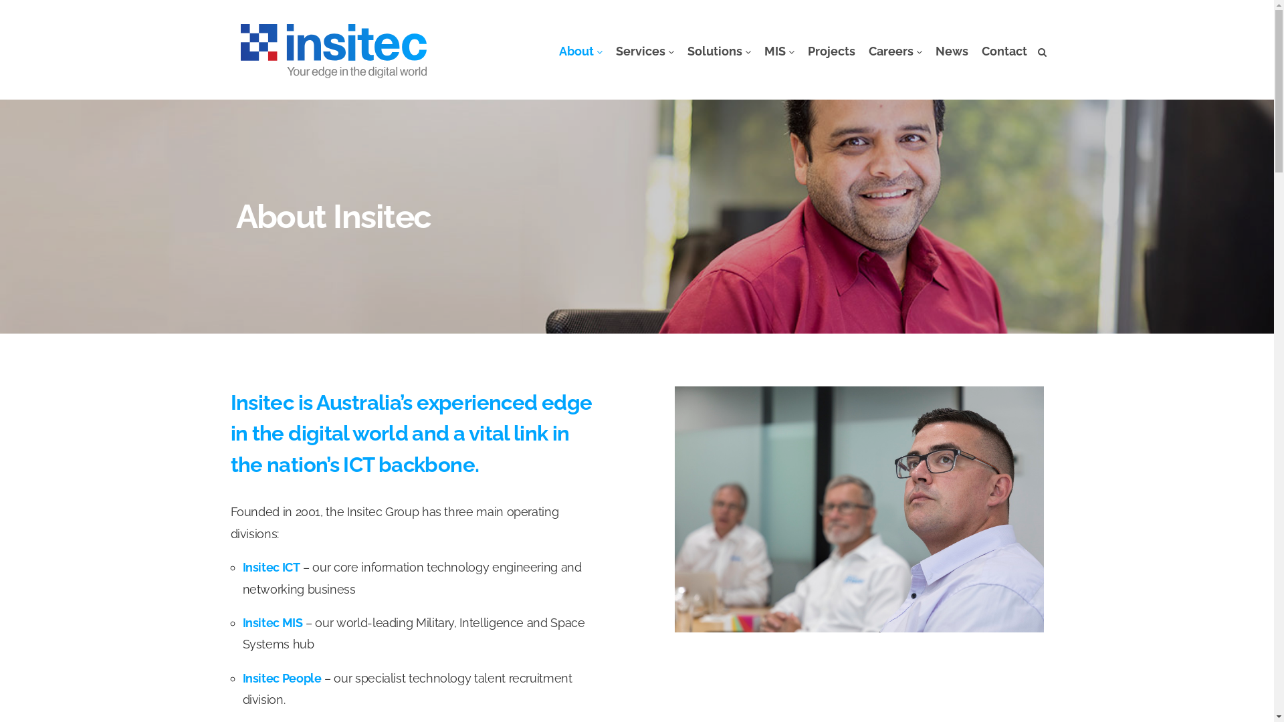 The image size is (1284, 722). Describe the element at coordinates (580, 51) in the screenshot. I see `'About'` at that location.